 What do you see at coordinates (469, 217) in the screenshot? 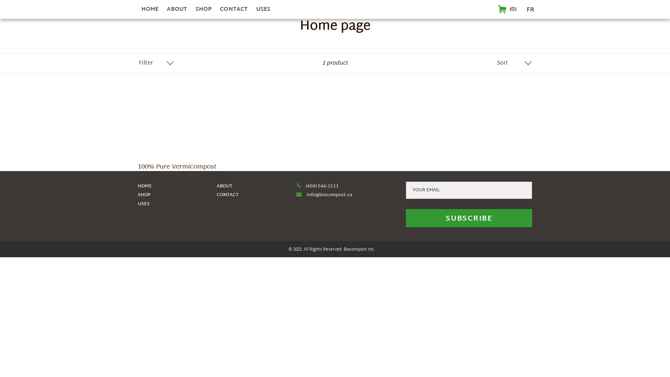
I see `'SUBSCRIBE'` at bounding box center [469, 217].